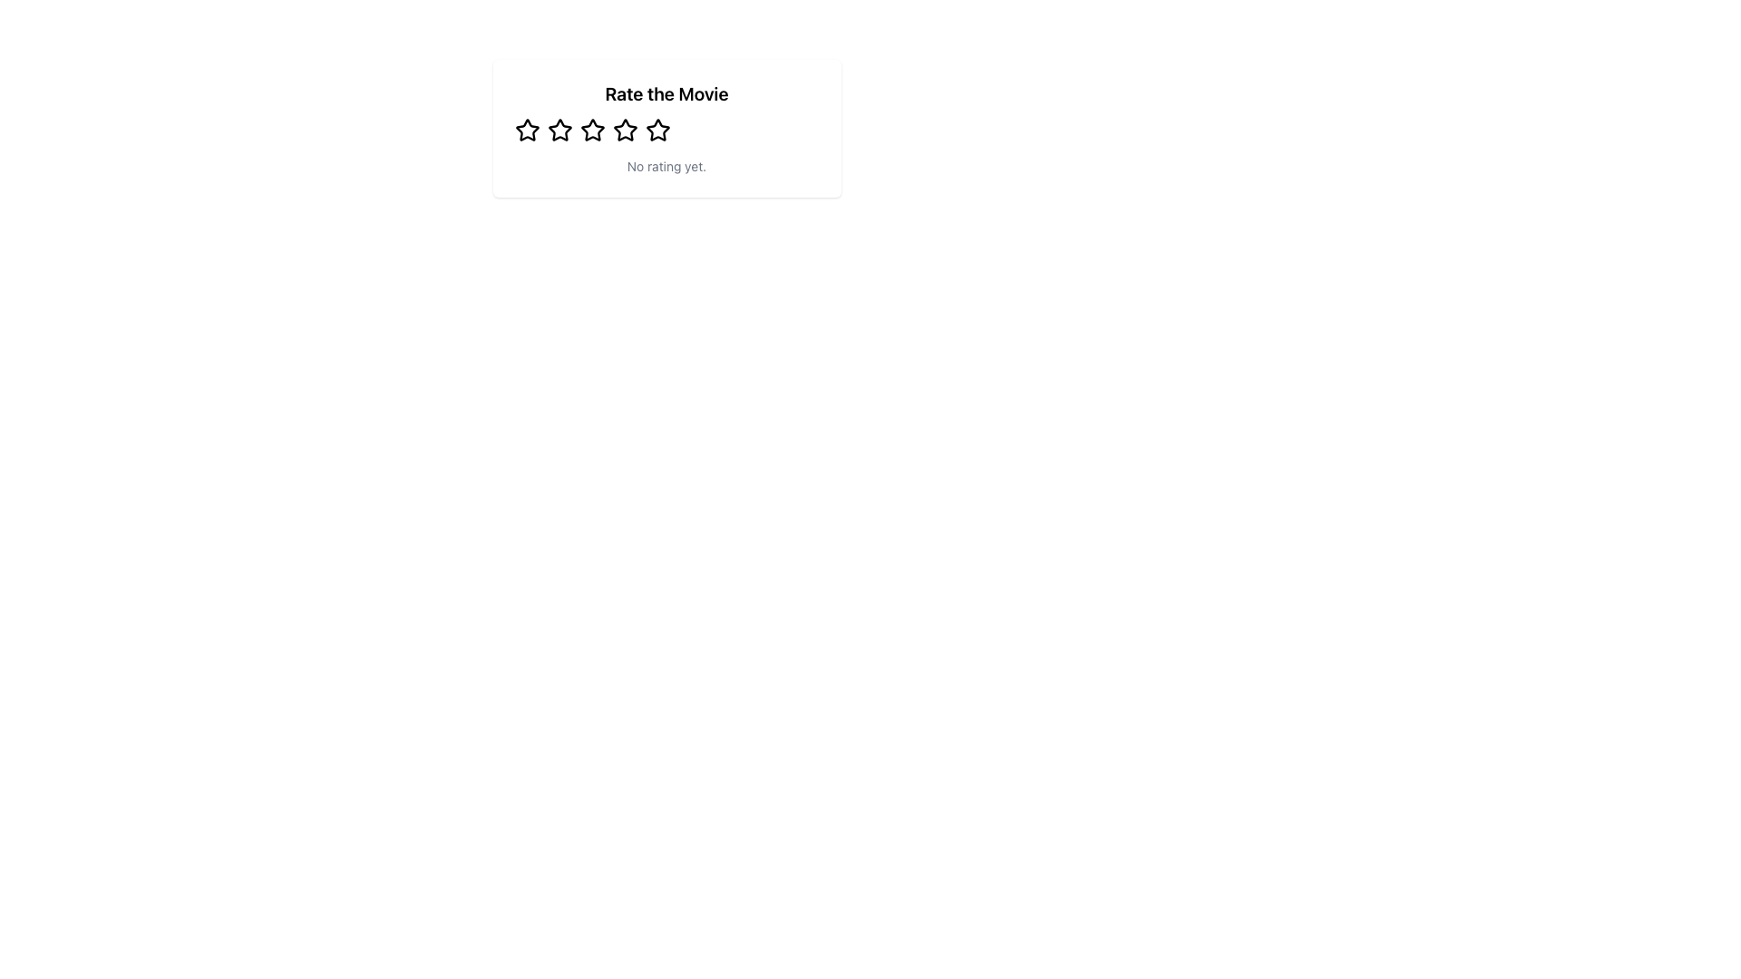 The width and height of the screenshot is (1741, 979). Describe the element at coordinates (559, 129) in the screenshot. I see `the second star icon in the rating component, which is styled with a black outline and no fill, located beneath the 'Rate the Movie' label` at that location.